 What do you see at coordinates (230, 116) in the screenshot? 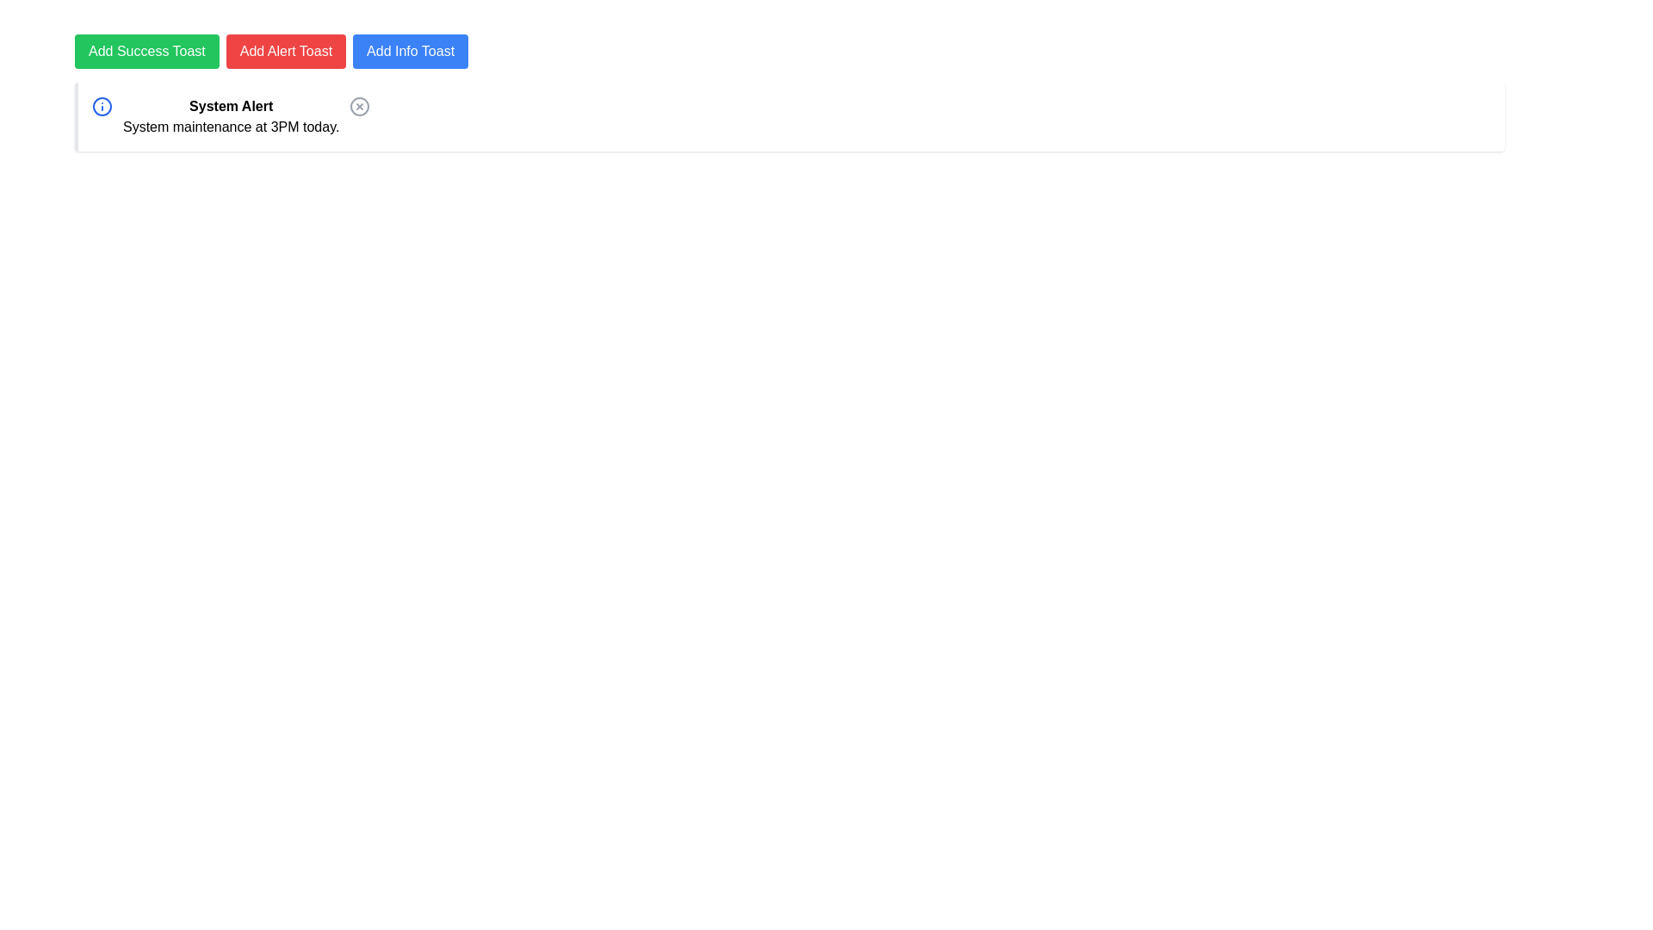
I see `text displayed in the Textual Display Component which communicates the system maintenance schedule, located centrally within a message box with a blue icon to its left` at bounding box center [230, 116].